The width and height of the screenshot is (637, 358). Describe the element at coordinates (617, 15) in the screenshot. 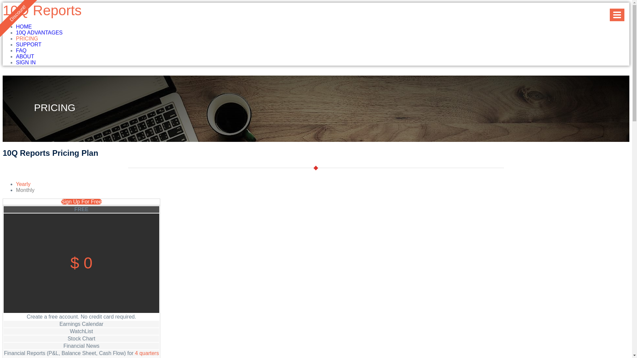

I see `'Toggle navigation'` at that location.